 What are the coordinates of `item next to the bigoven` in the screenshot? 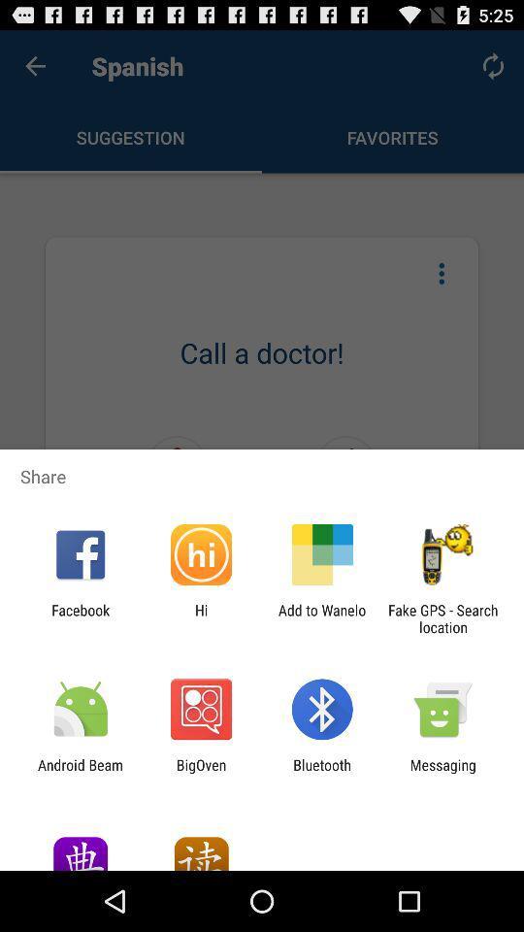 It's located at (322, 773).